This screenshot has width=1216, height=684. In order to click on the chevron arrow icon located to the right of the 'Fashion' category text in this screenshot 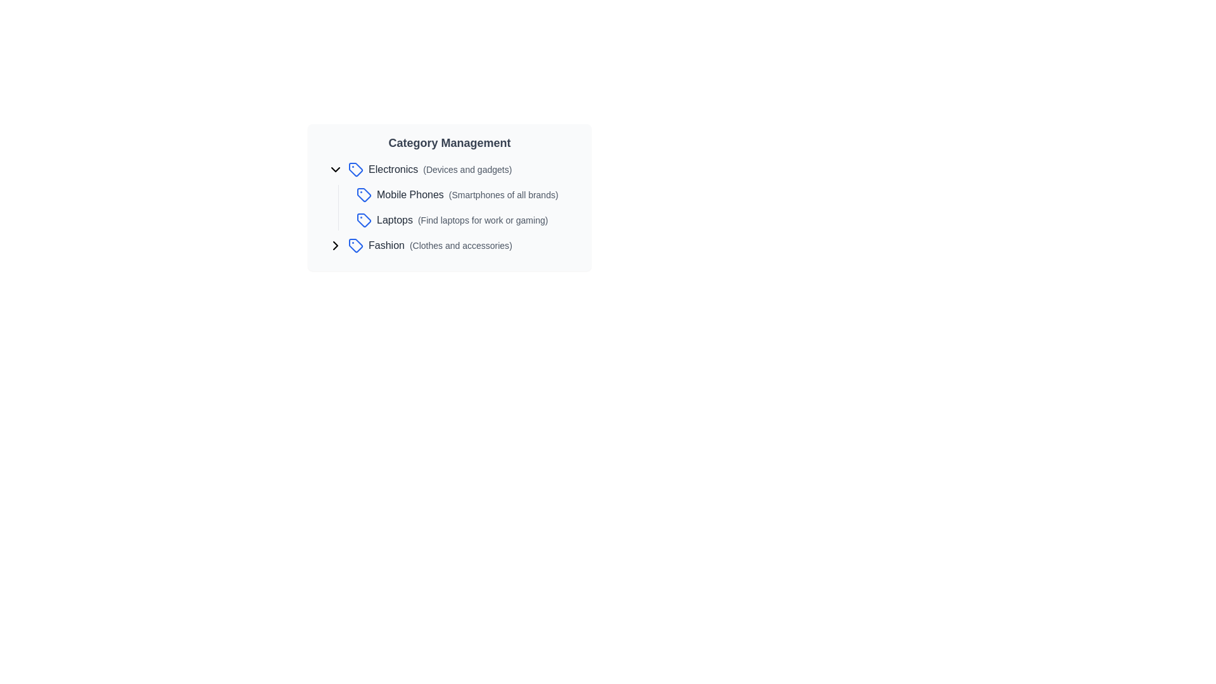, I will do `click(335, 246)`.